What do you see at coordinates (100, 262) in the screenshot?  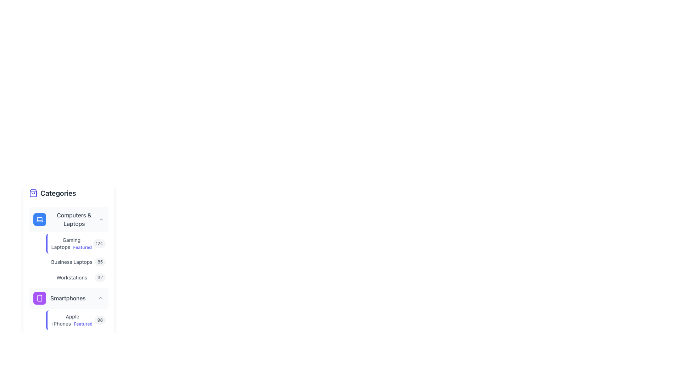 I see `the label or badge displaying the number '85' which is located to the right of the text 'Business Laptops' in the 'Computers & Laptops' category section` at bounding box center [100, 262].